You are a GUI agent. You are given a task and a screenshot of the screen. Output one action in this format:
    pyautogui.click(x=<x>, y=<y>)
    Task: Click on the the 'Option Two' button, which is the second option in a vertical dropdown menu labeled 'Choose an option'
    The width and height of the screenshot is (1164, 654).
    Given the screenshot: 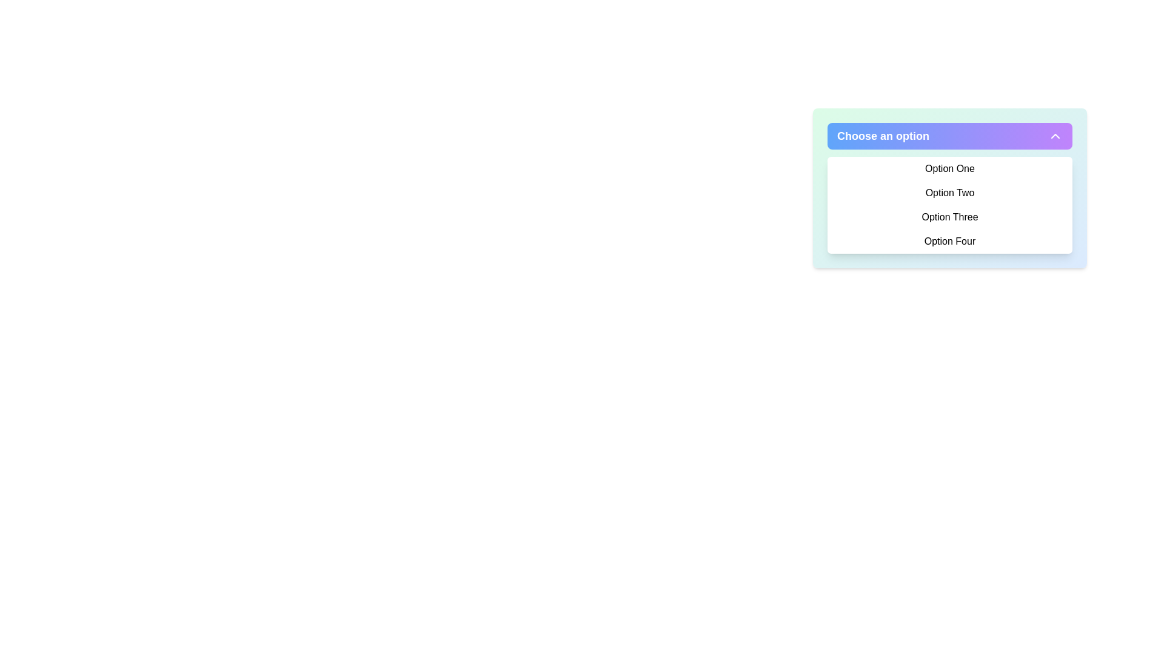 What is the action you would take?
    pyautogui.click(x=949, y=193)
    